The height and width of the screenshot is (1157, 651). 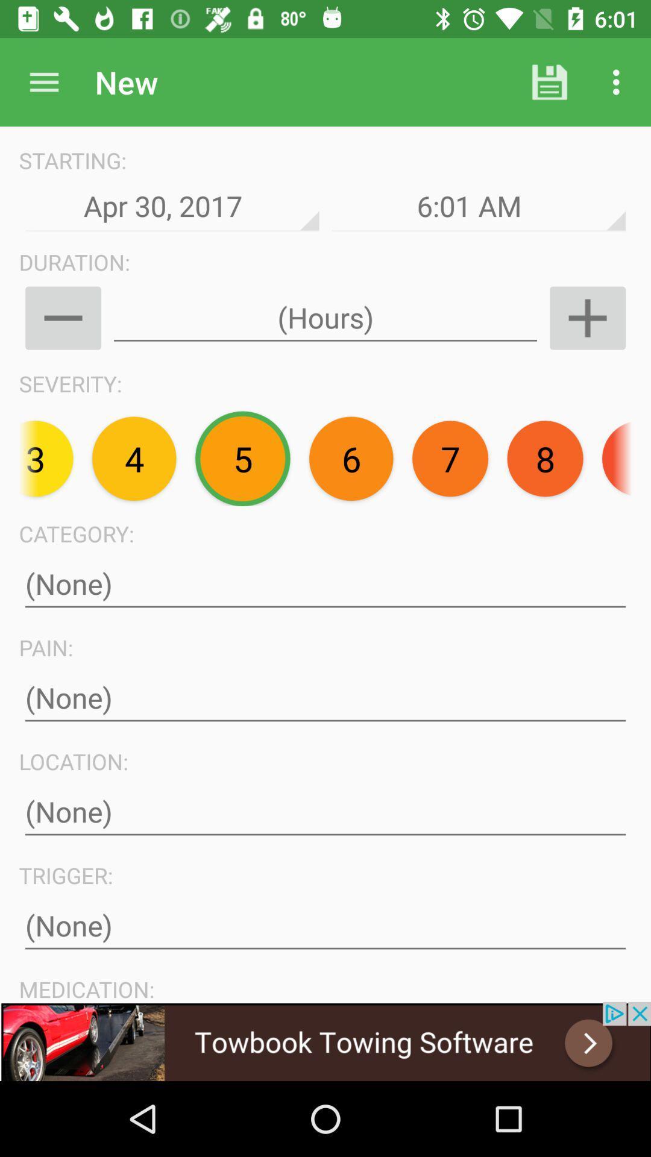 What do you see at coordinates (325, 584) in the screenshot?
I see `the text field below category` at bounding box center [325, 584].